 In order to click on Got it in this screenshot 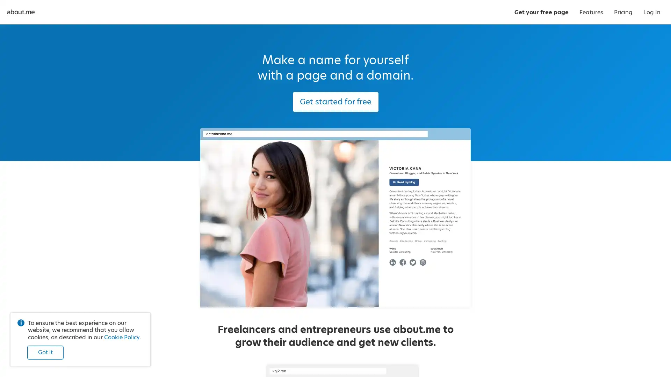, I will do `click(45, 353)`.